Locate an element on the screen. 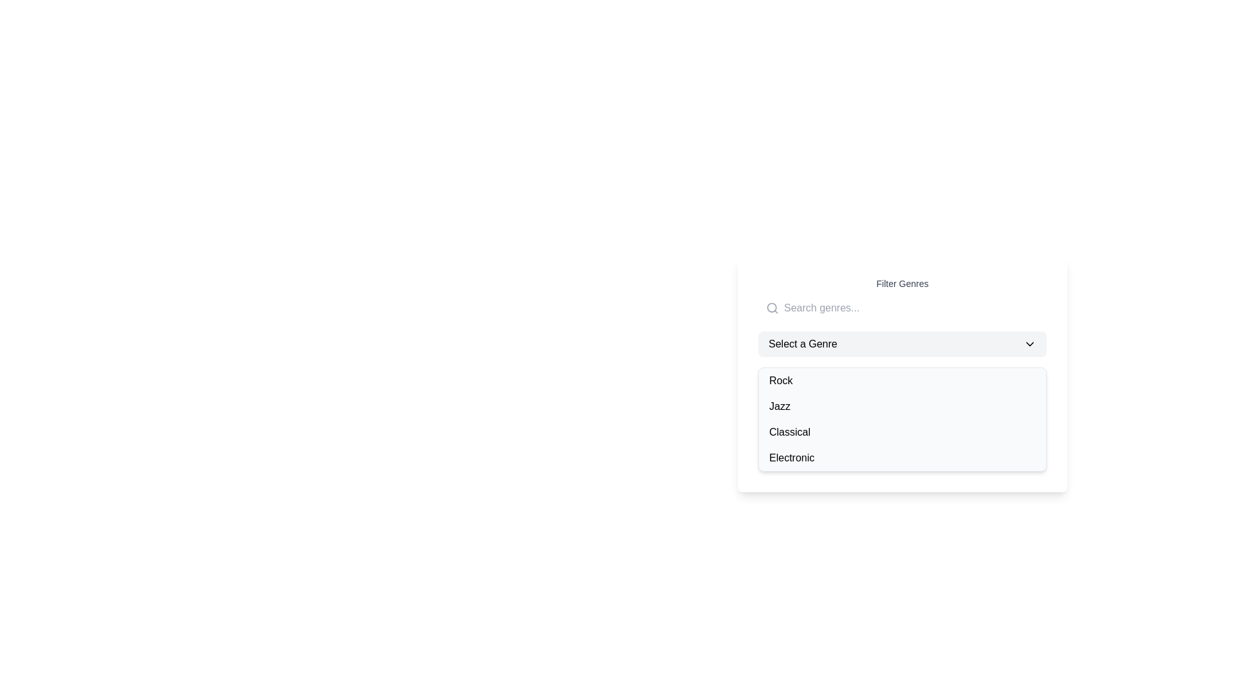  the text display option reading 'Jazz', which is the second option in the list under the dropdown labeled 'Select a Genre', located between 'Rock' and 'Classical' is located at coordinates (779, 407).